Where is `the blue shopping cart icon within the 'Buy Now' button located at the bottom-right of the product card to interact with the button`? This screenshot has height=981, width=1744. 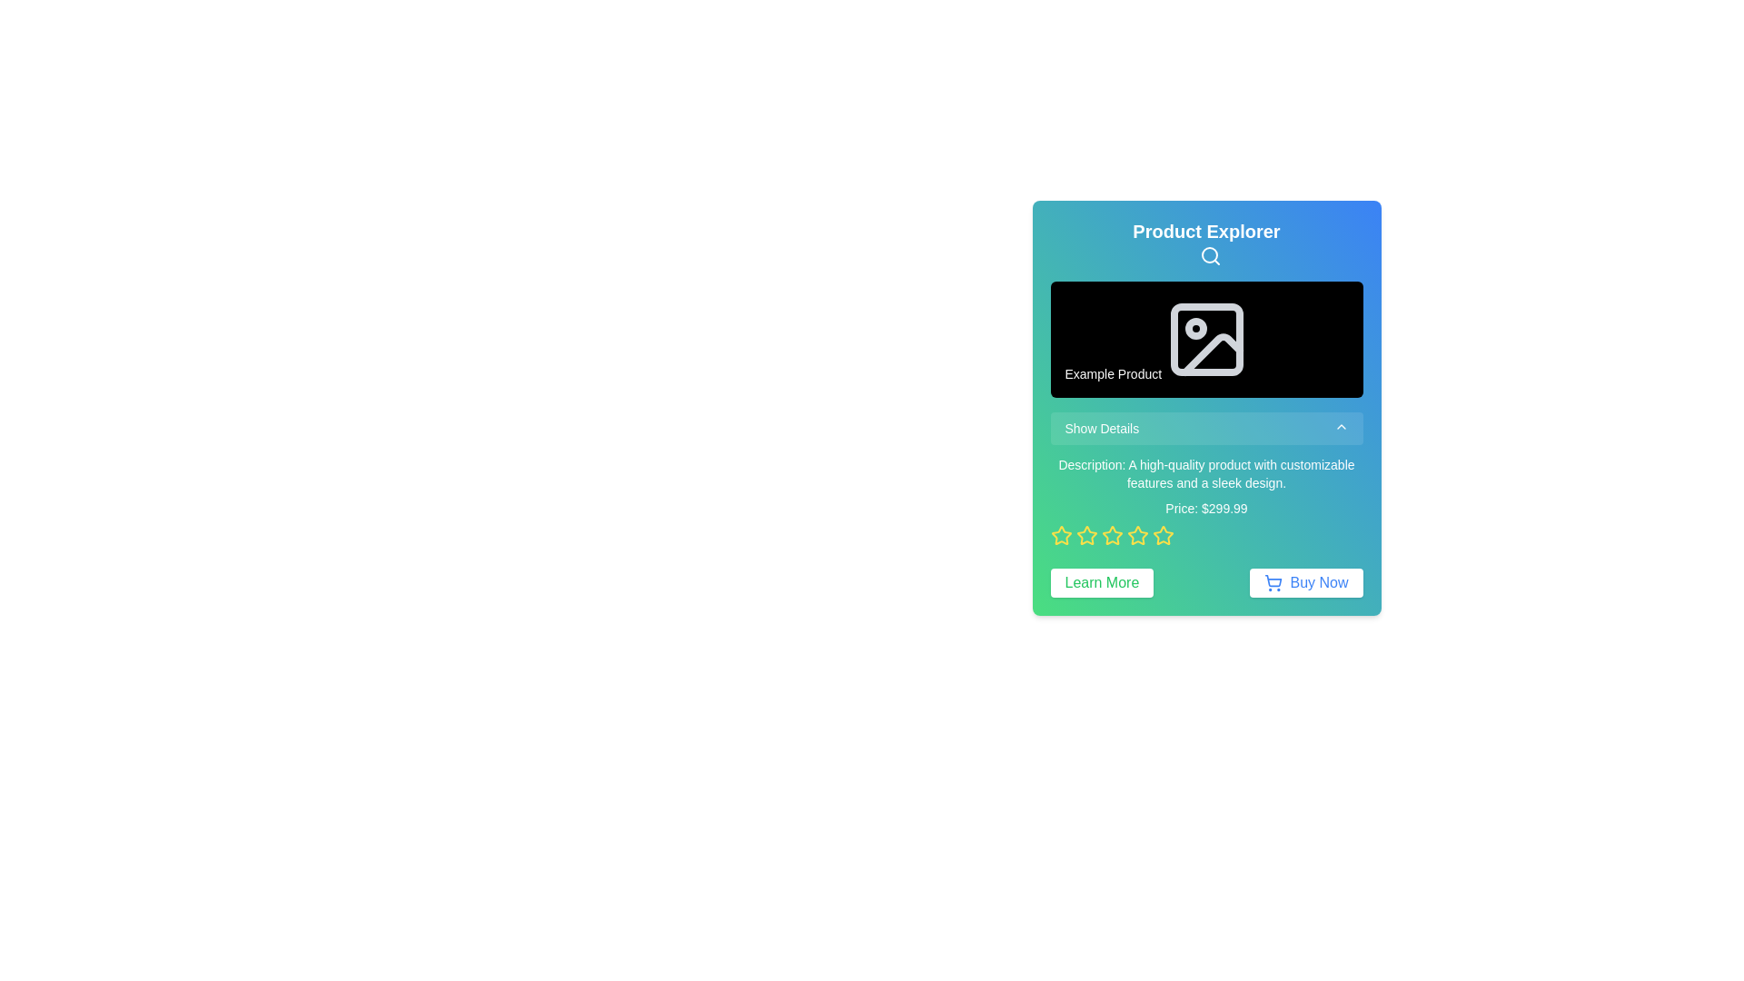
the blue shopping cart icon within the 'Buy Now' button located at the bottom-right of the product card to interact with the button is located at coordinates (1273, 582).